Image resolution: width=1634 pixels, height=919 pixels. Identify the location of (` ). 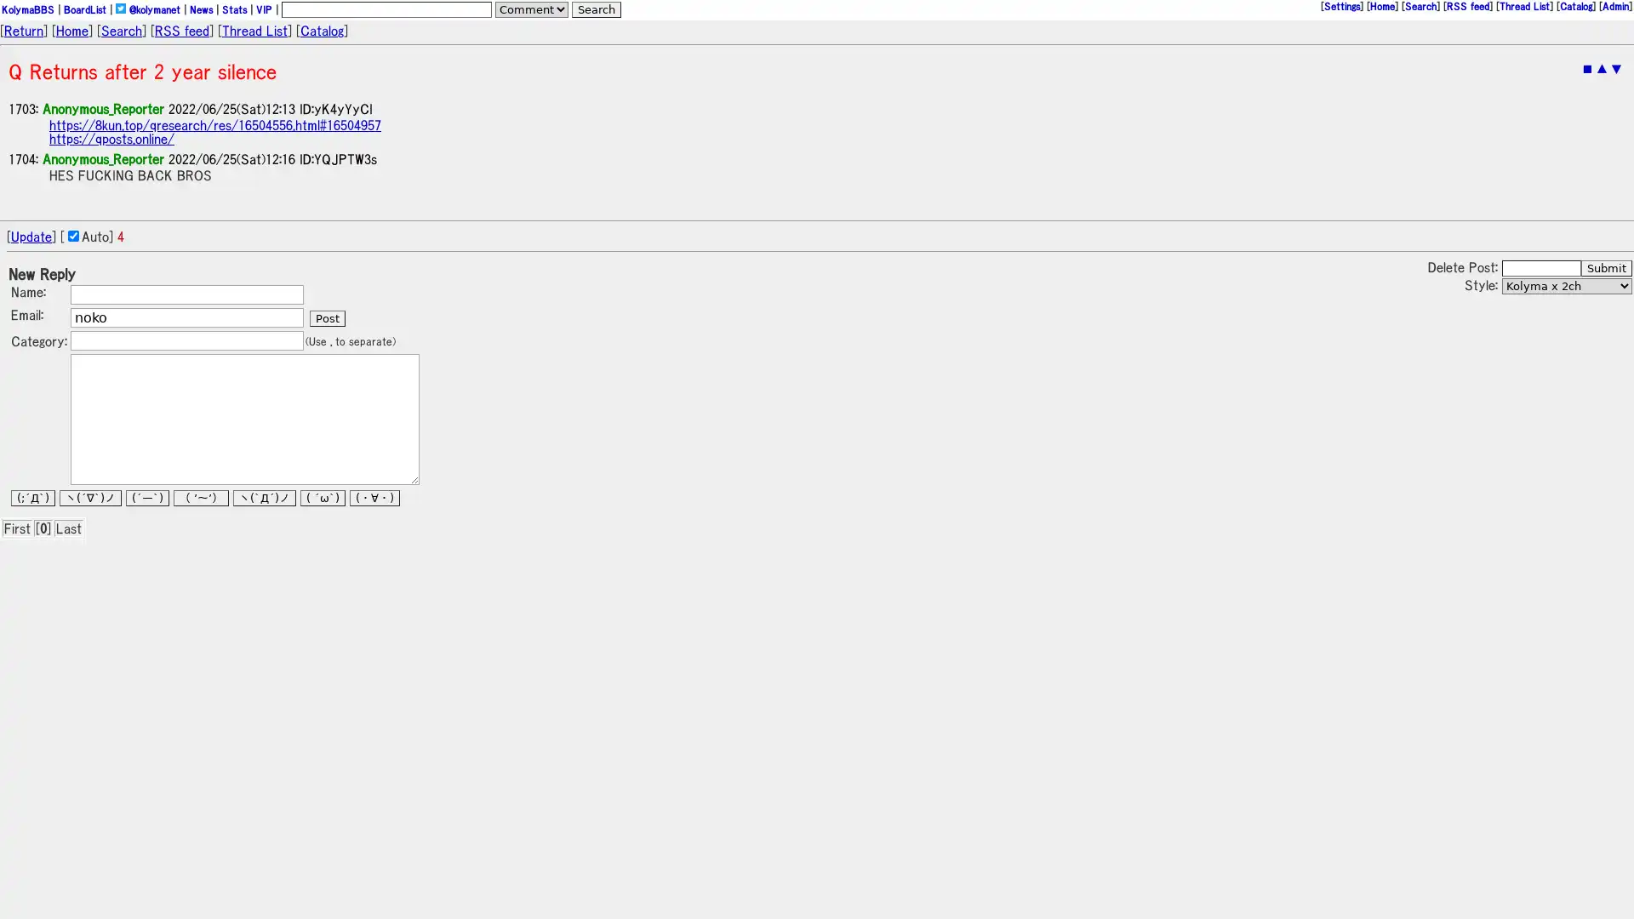
(264, 498).